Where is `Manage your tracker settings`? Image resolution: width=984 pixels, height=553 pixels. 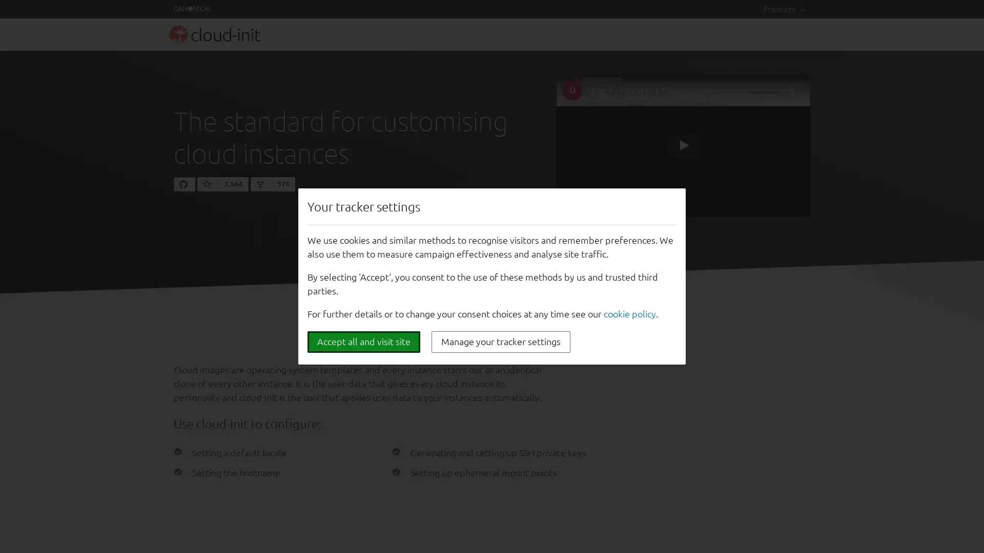
Manage your tracker settings is located at coordinates (501, 342).